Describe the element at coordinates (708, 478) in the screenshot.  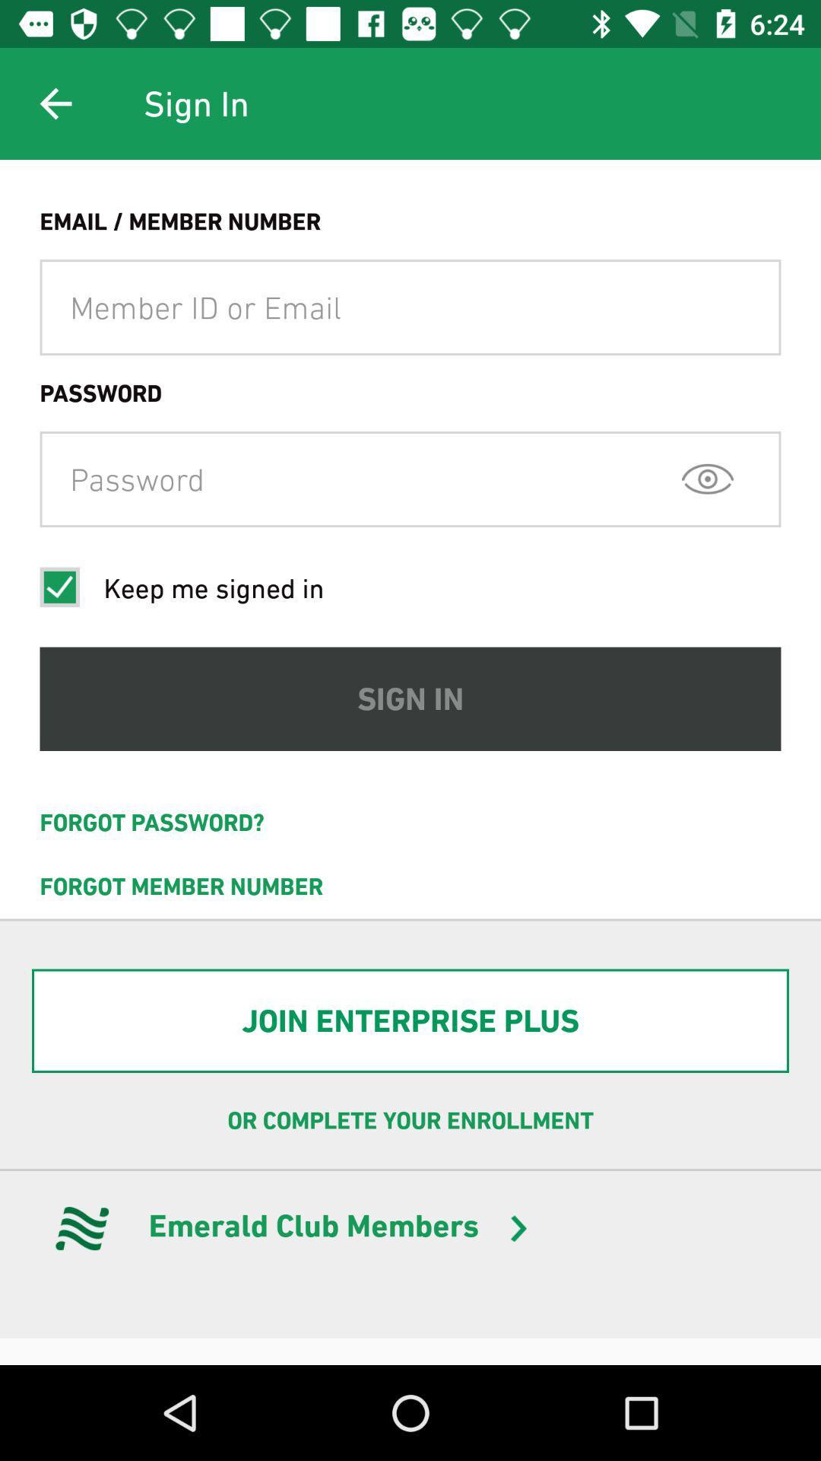
I see `display password text` at that location.